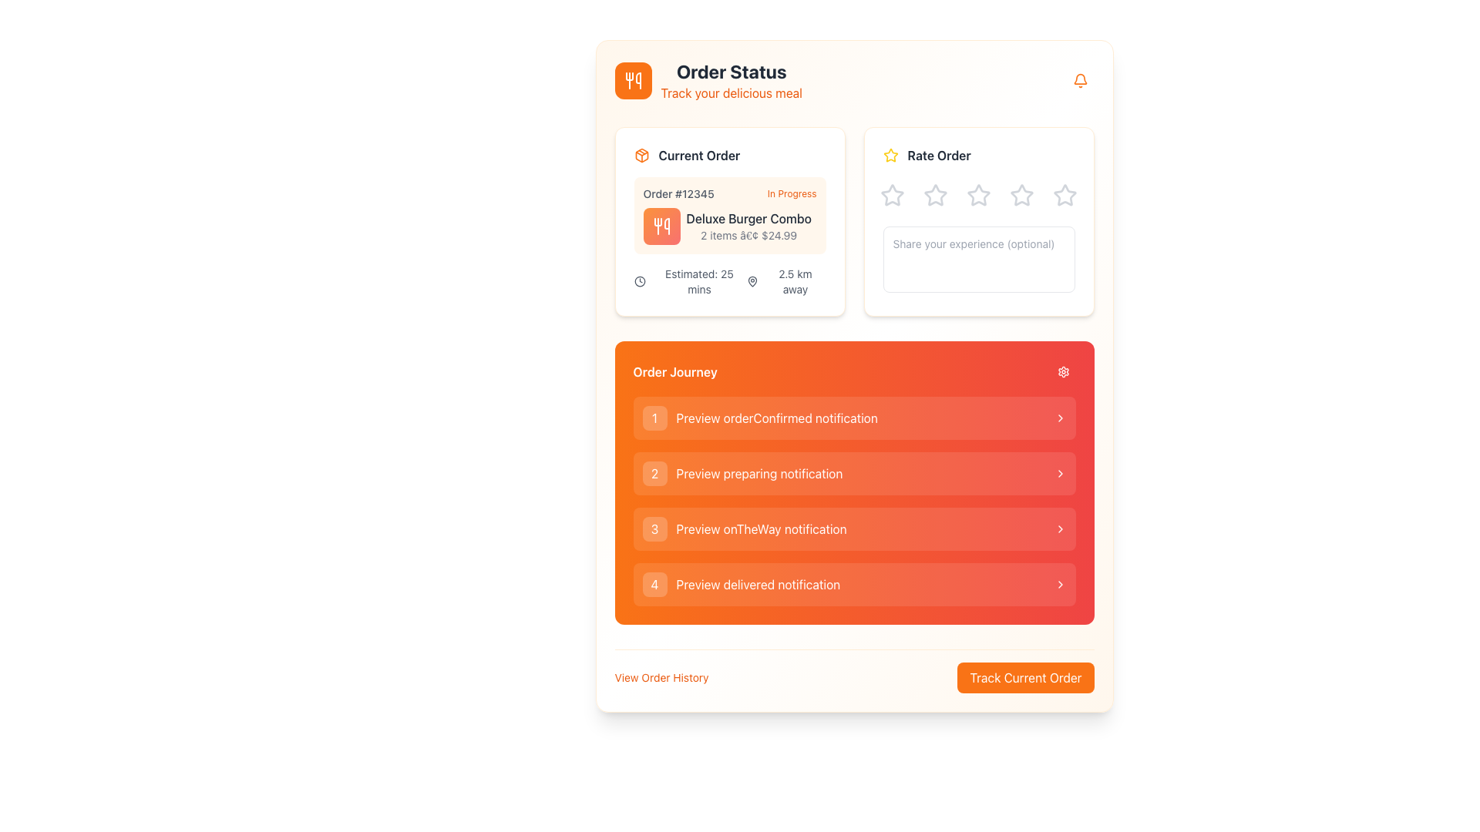 This screenshot has width=1480, height=832. Describe the element at coordinates (641, 155) in the screenshot. I see `the small orange package icon with a white outline located before the 'Current Order' text label` at that location.